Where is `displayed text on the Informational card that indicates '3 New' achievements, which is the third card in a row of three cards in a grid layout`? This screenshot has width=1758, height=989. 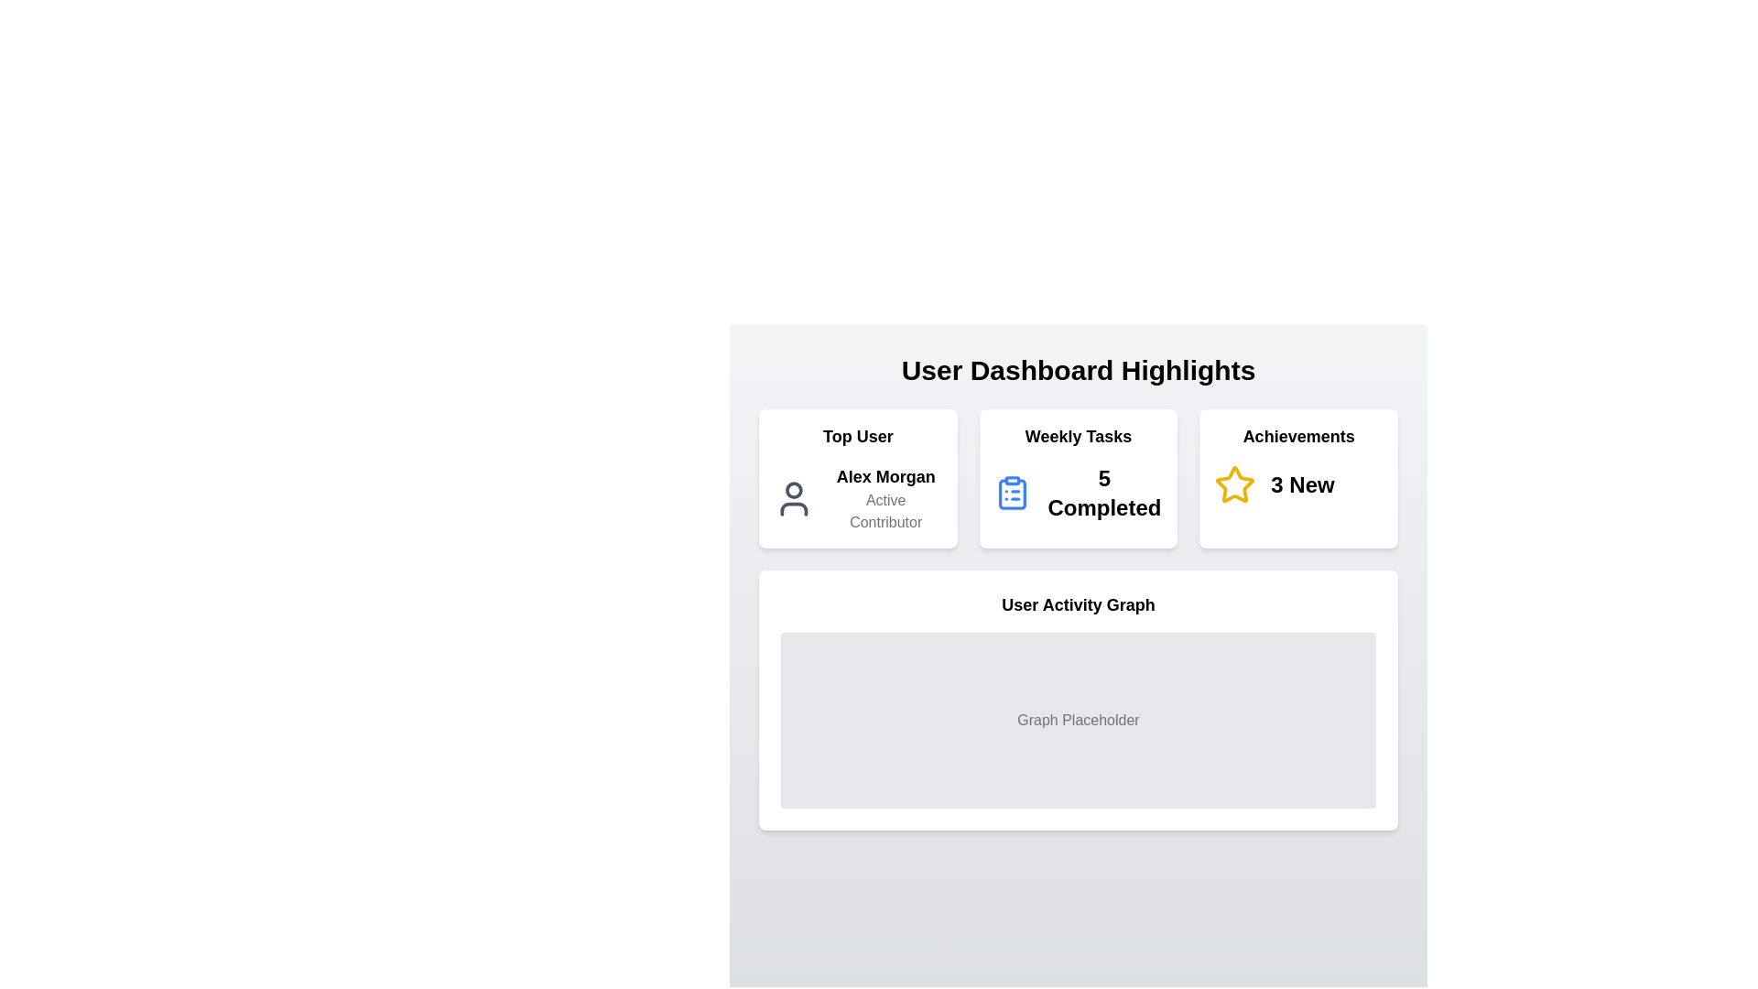
displayed text on the Informational card that indicates '3 New' achievements, which is the third card in a row of three cards in a grid layout is located at coordinates (1297, 478).